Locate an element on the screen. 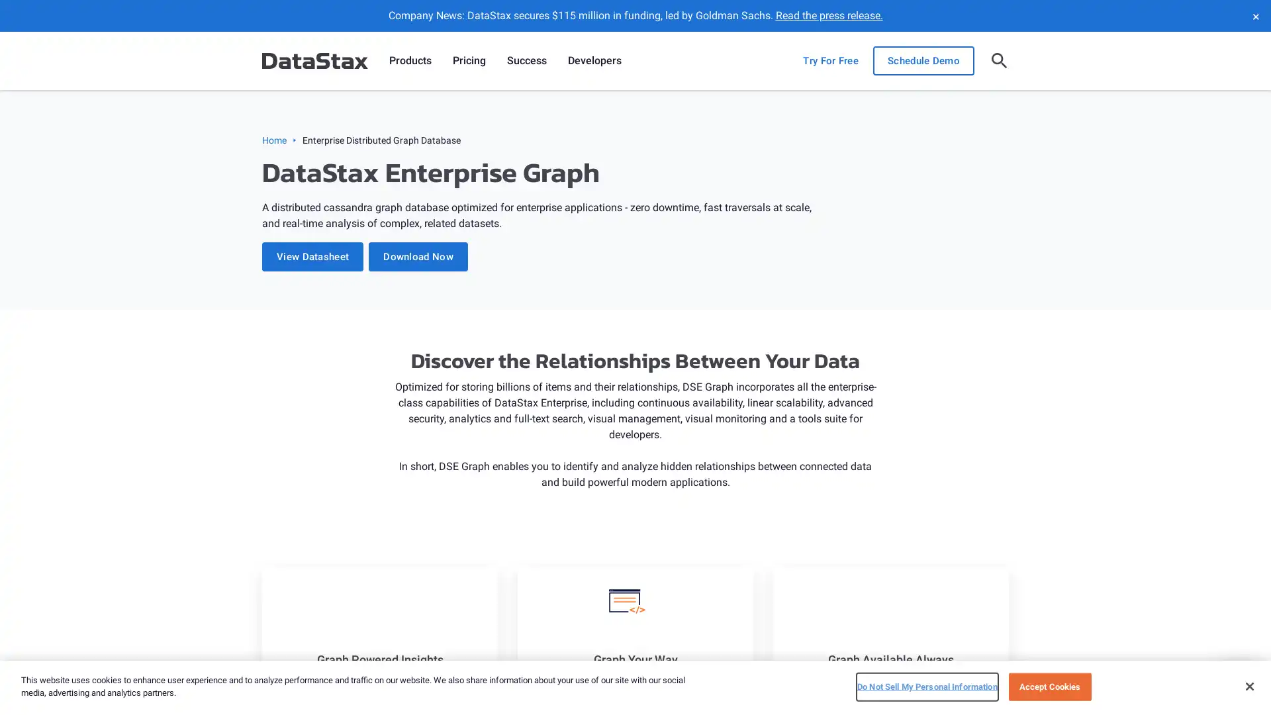  Close is located at coordinates (1248, 685).